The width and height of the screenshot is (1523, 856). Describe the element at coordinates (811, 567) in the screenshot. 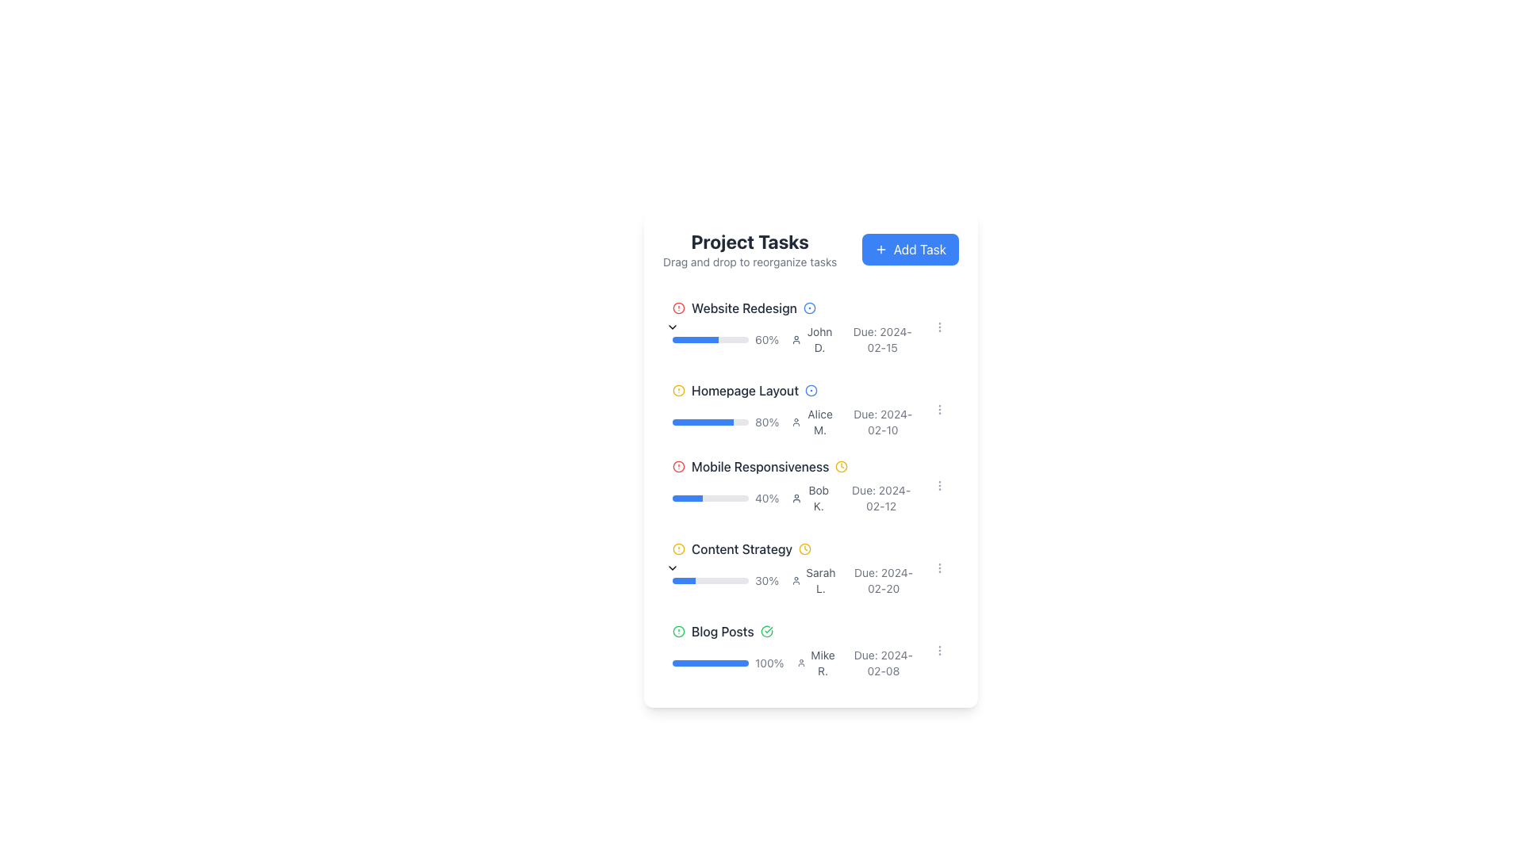

I see `the task item labeled 'Content Strategy'` at that location.